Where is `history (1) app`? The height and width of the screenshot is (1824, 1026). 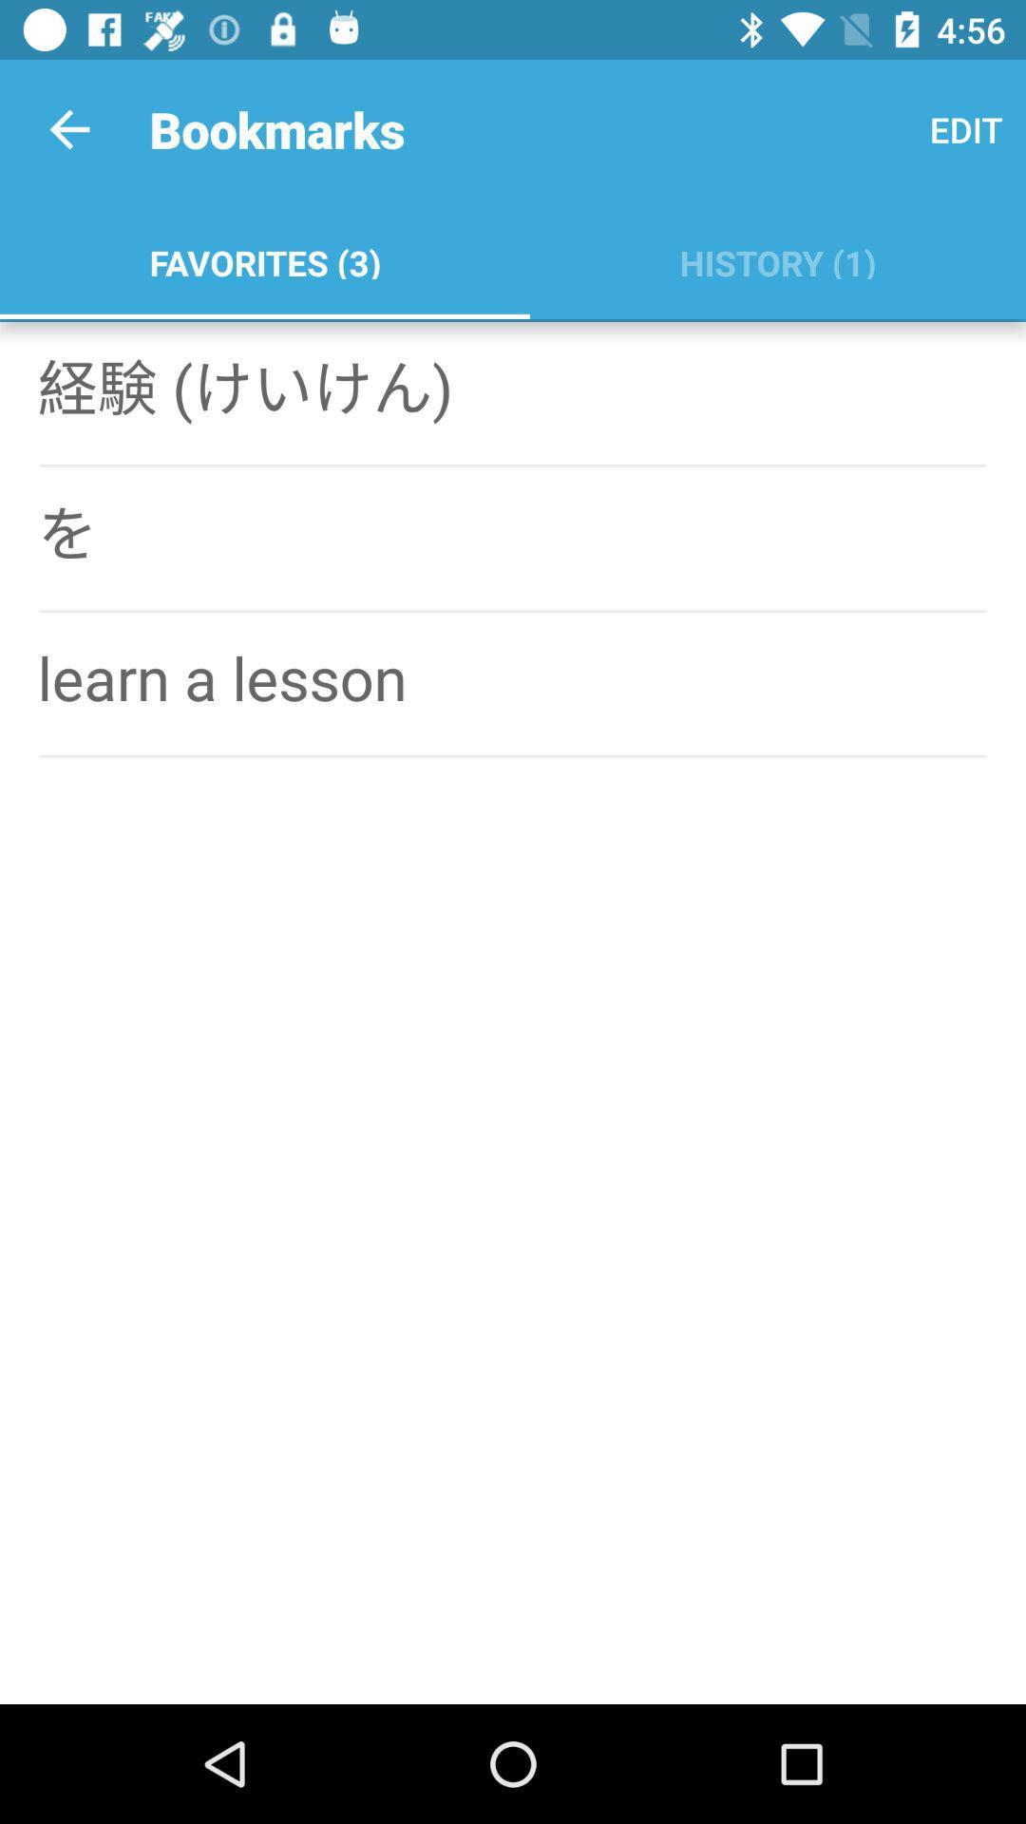
history (1) app is located at coordinates (777, 258).